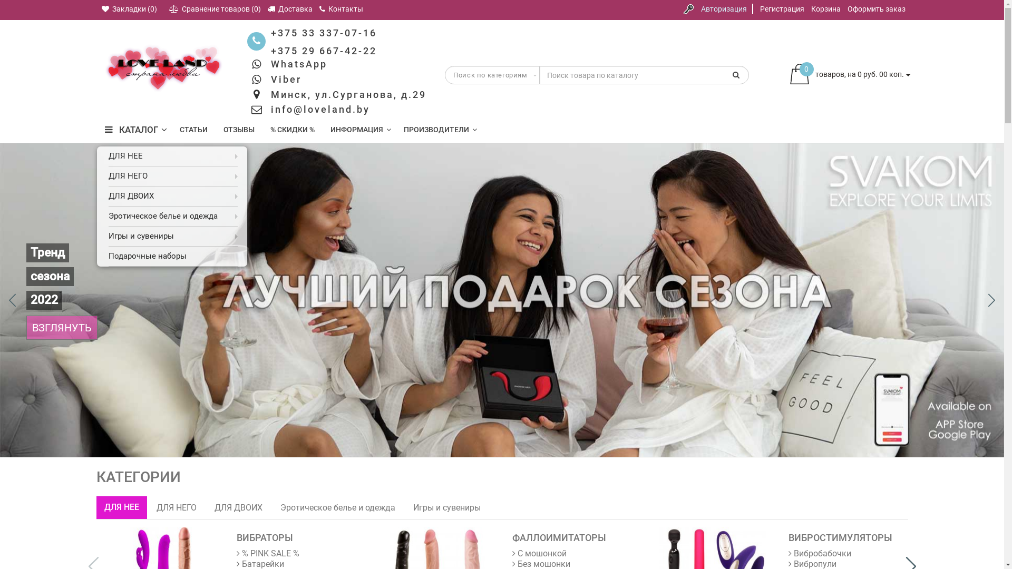 The width and height of the screenshot is (1012, 569). What do you see at coordinates (323, 32) in the screenshot?
I see `'+375 33 337-07-16'` at bounding box center [323, 32].